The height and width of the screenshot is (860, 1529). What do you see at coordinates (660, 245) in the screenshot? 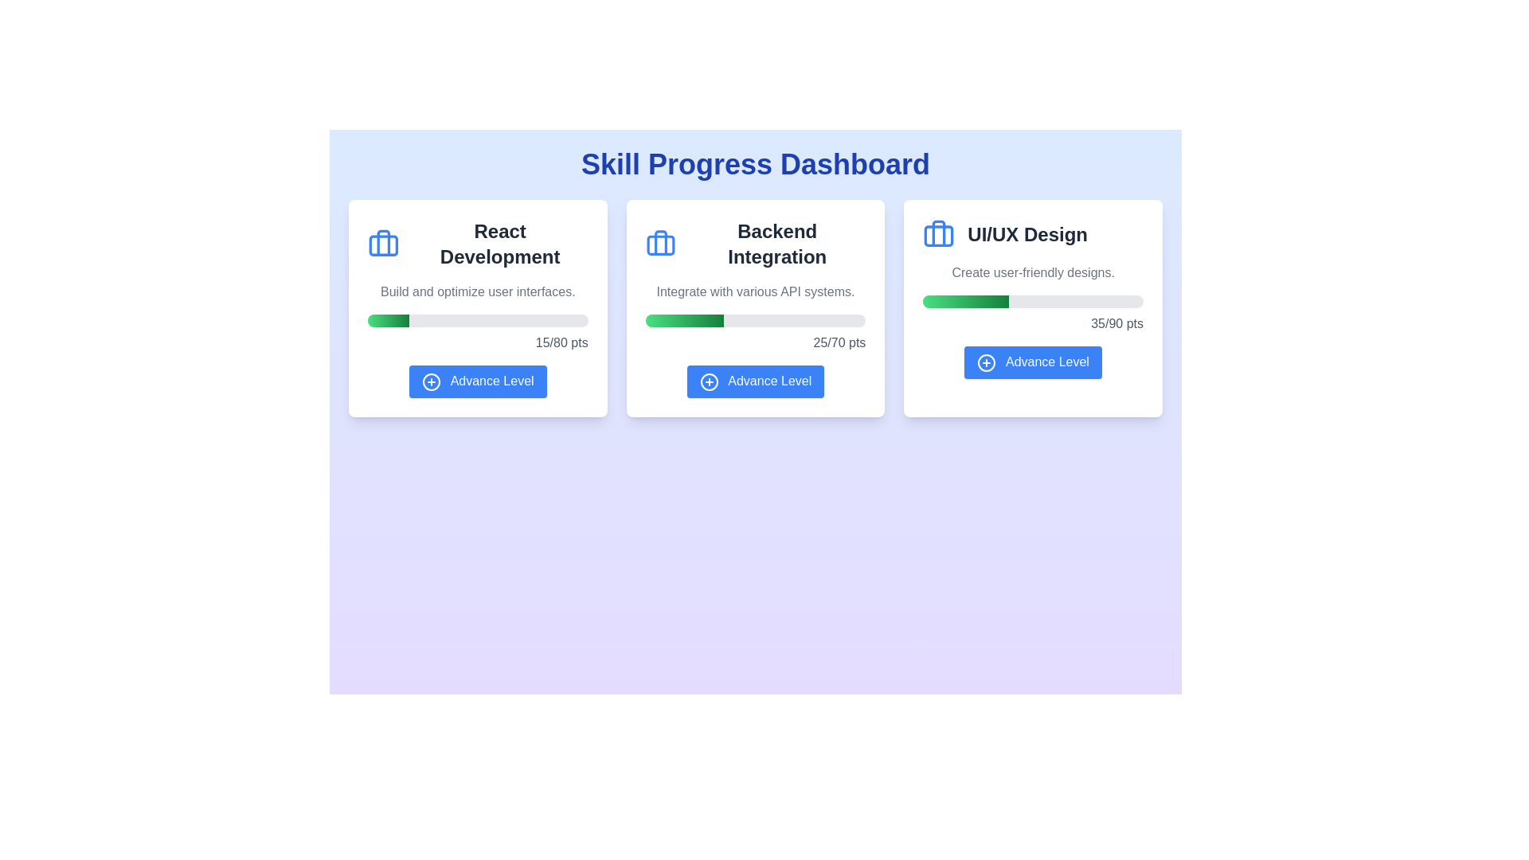
I see `the decorative briefcase icon that visually supports the title 'Backend Integration'` at bounding box center [660, 245].